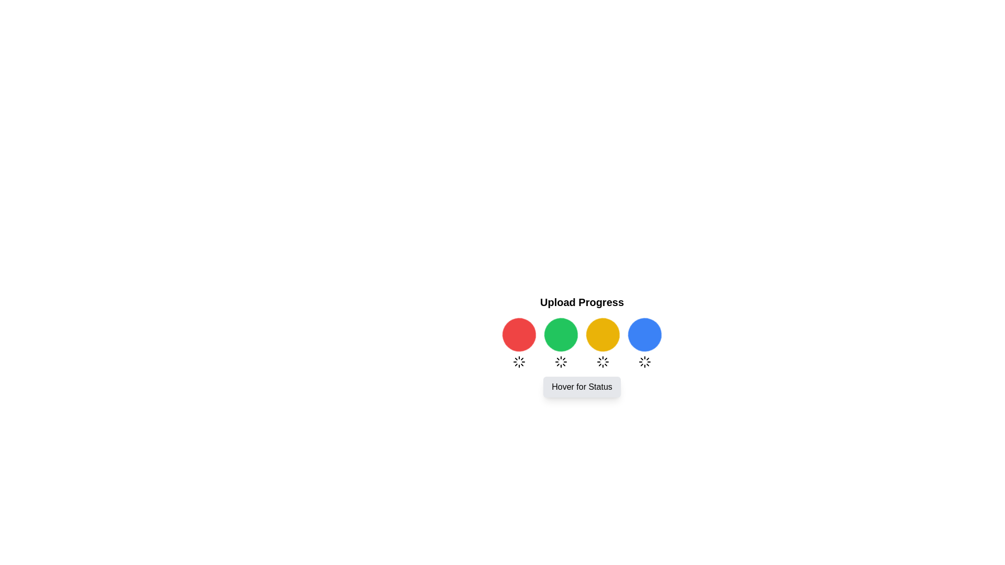  Describe the element at coordinates (582, 302) in the screenshot. I see `the text label that reads 'Upload Progress', which is prominently displayed in bold and larger font, serving as a title above a row of animated colored circles` at that location.